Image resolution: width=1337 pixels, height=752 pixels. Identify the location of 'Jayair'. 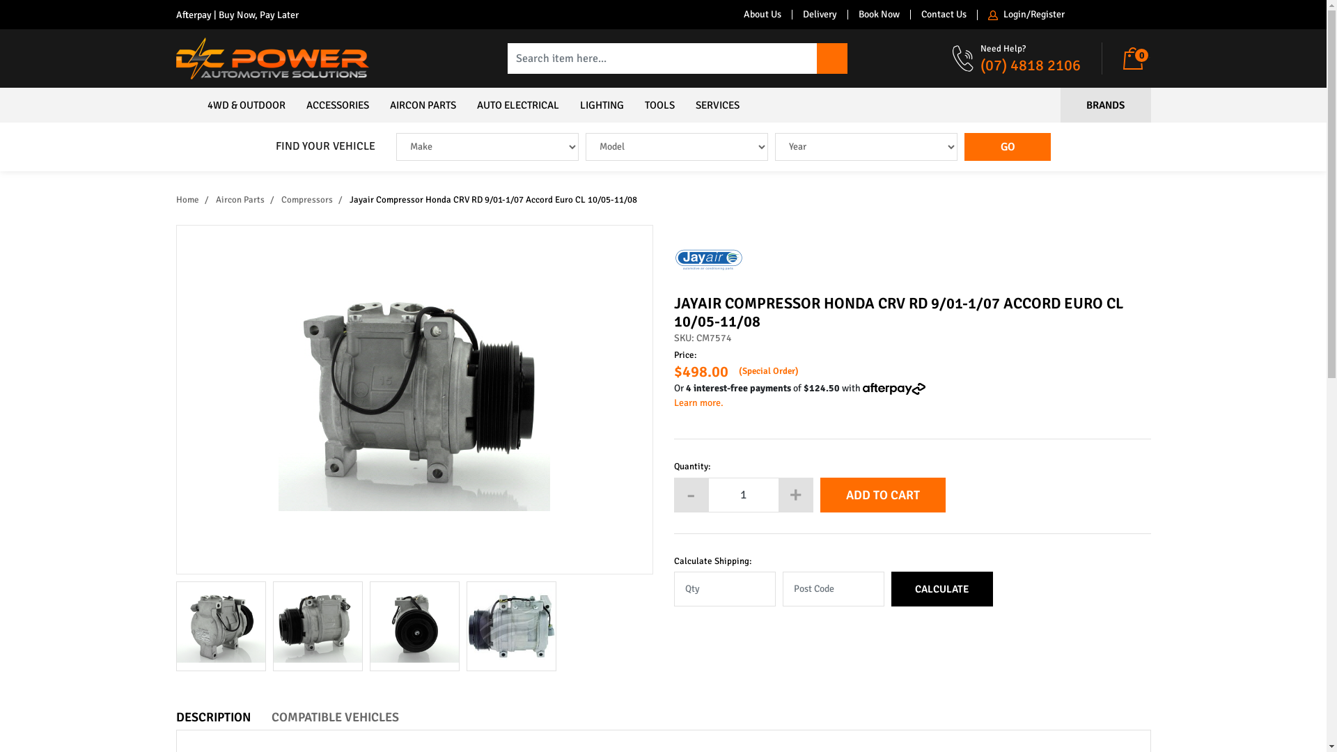
(708, 258).